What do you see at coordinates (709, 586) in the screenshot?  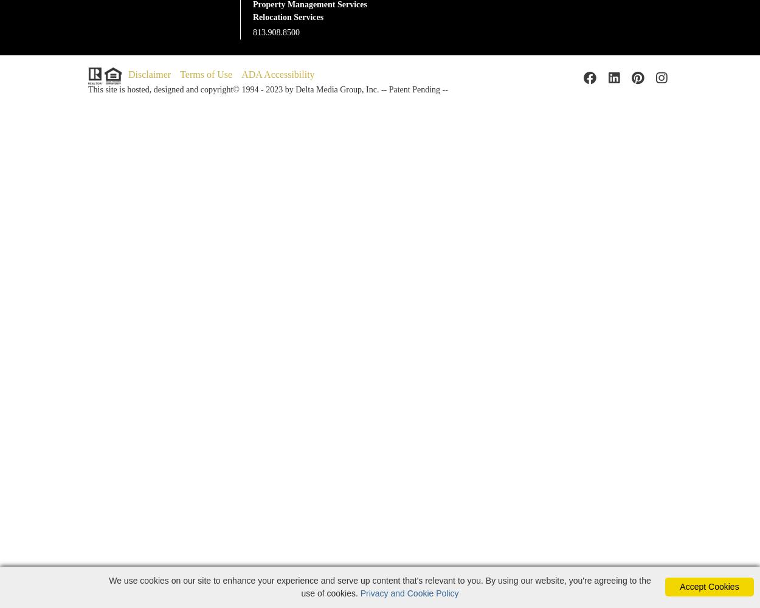 I see `'Accept Cookies'` at bounding box center [709, 586].